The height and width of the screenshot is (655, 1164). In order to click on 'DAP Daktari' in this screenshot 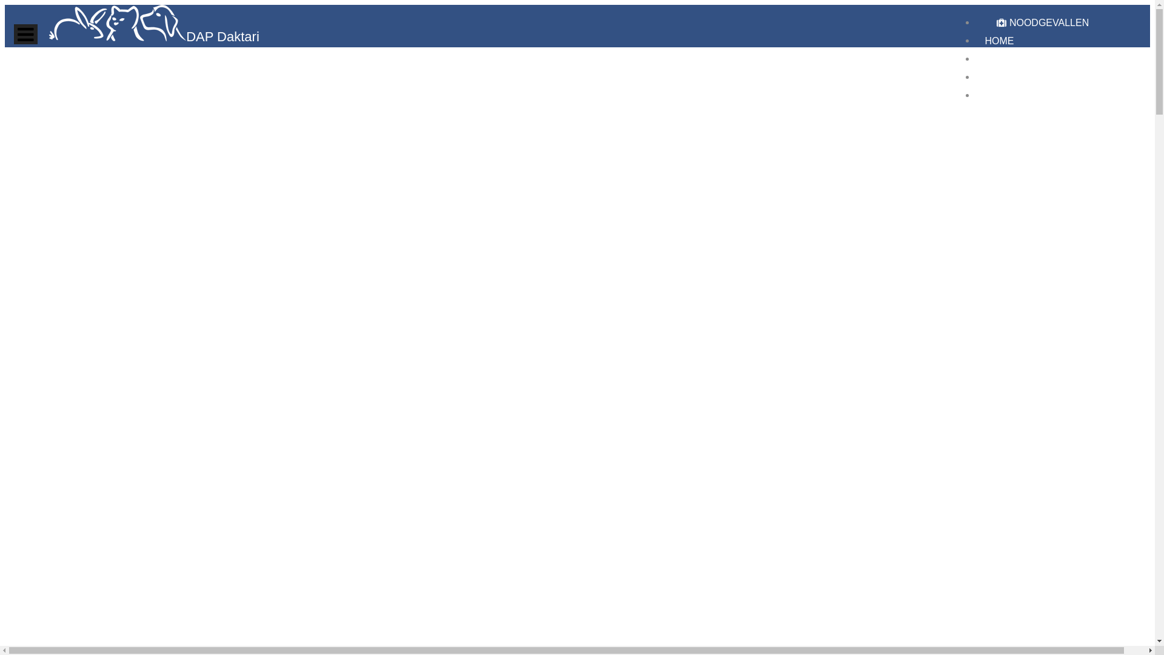, I will do `click(153, 37)`.